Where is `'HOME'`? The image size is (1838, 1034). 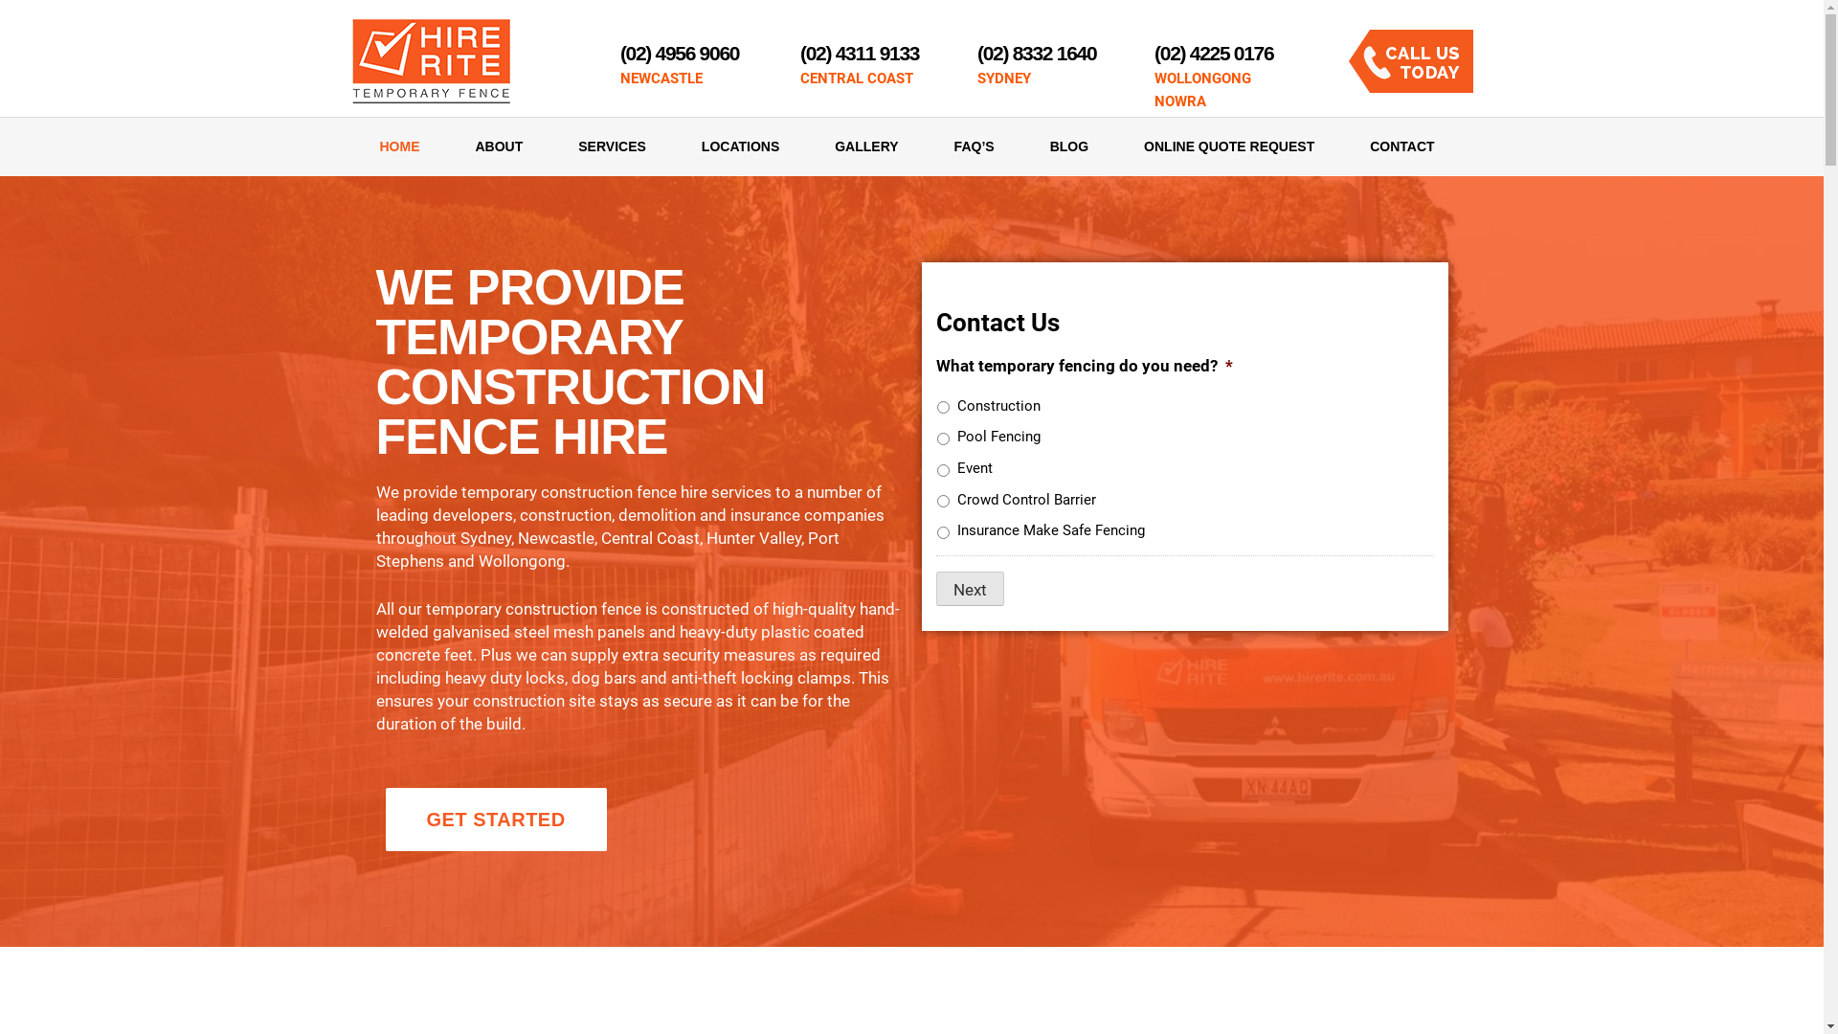
'HOME' is located at coordinates (352, 146).